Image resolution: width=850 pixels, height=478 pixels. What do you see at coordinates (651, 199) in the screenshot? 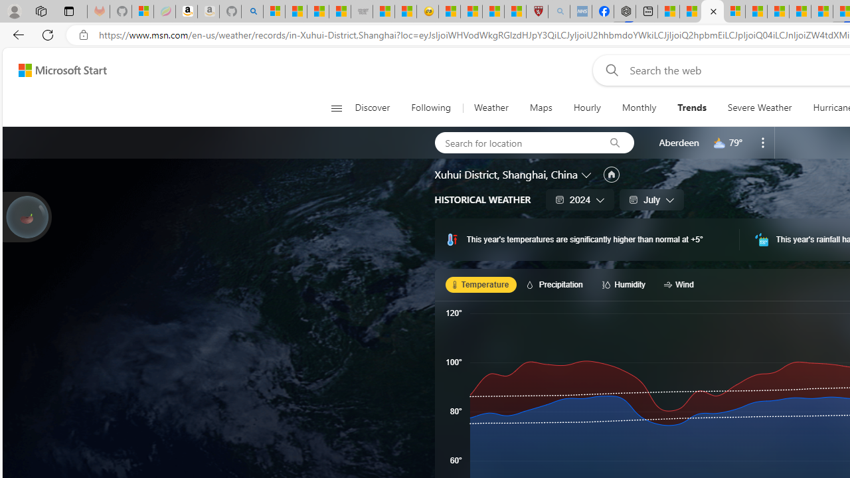
I see `'July'` at bounding box center [651, 199].